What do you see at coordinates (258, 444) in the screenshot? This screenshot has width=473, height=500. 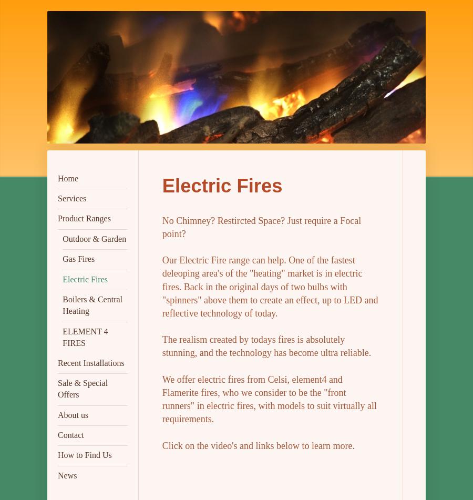 I see `'Click on the video's and links below to learn more.'` at bounding box center [258, 444].